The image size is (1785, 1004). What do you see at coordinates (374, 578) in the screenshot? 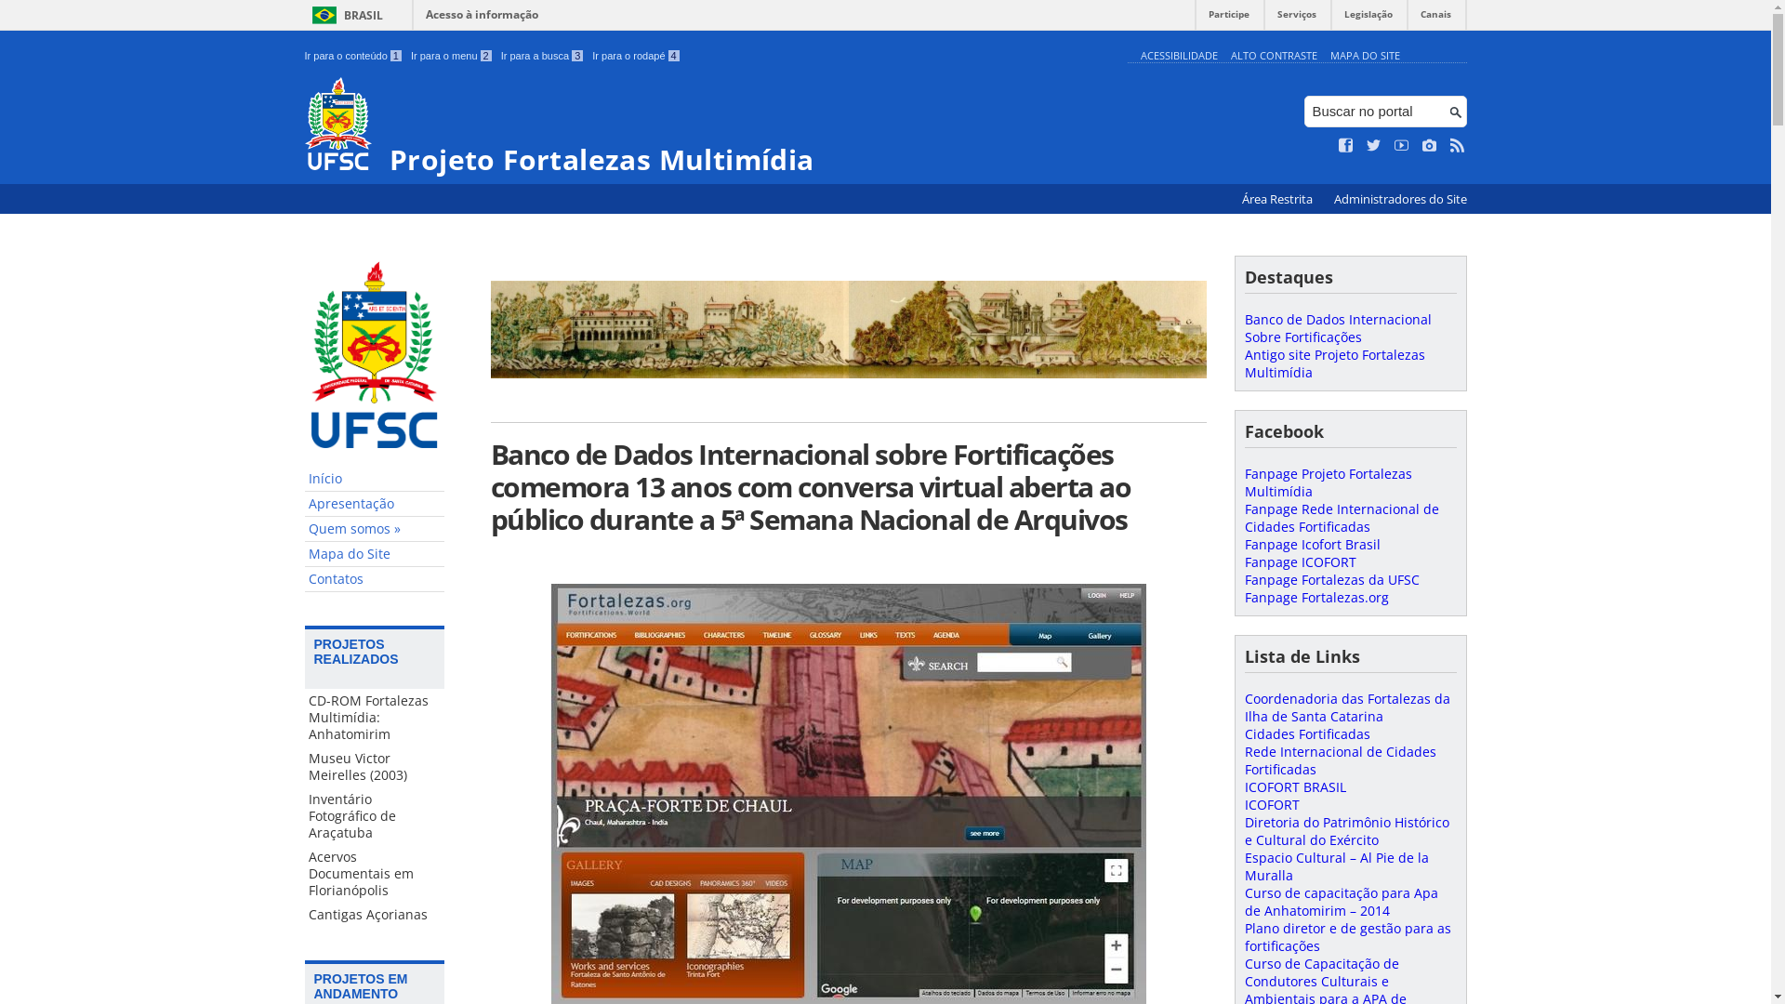
I see `'Contatos'` at bounding box center [374, 578].